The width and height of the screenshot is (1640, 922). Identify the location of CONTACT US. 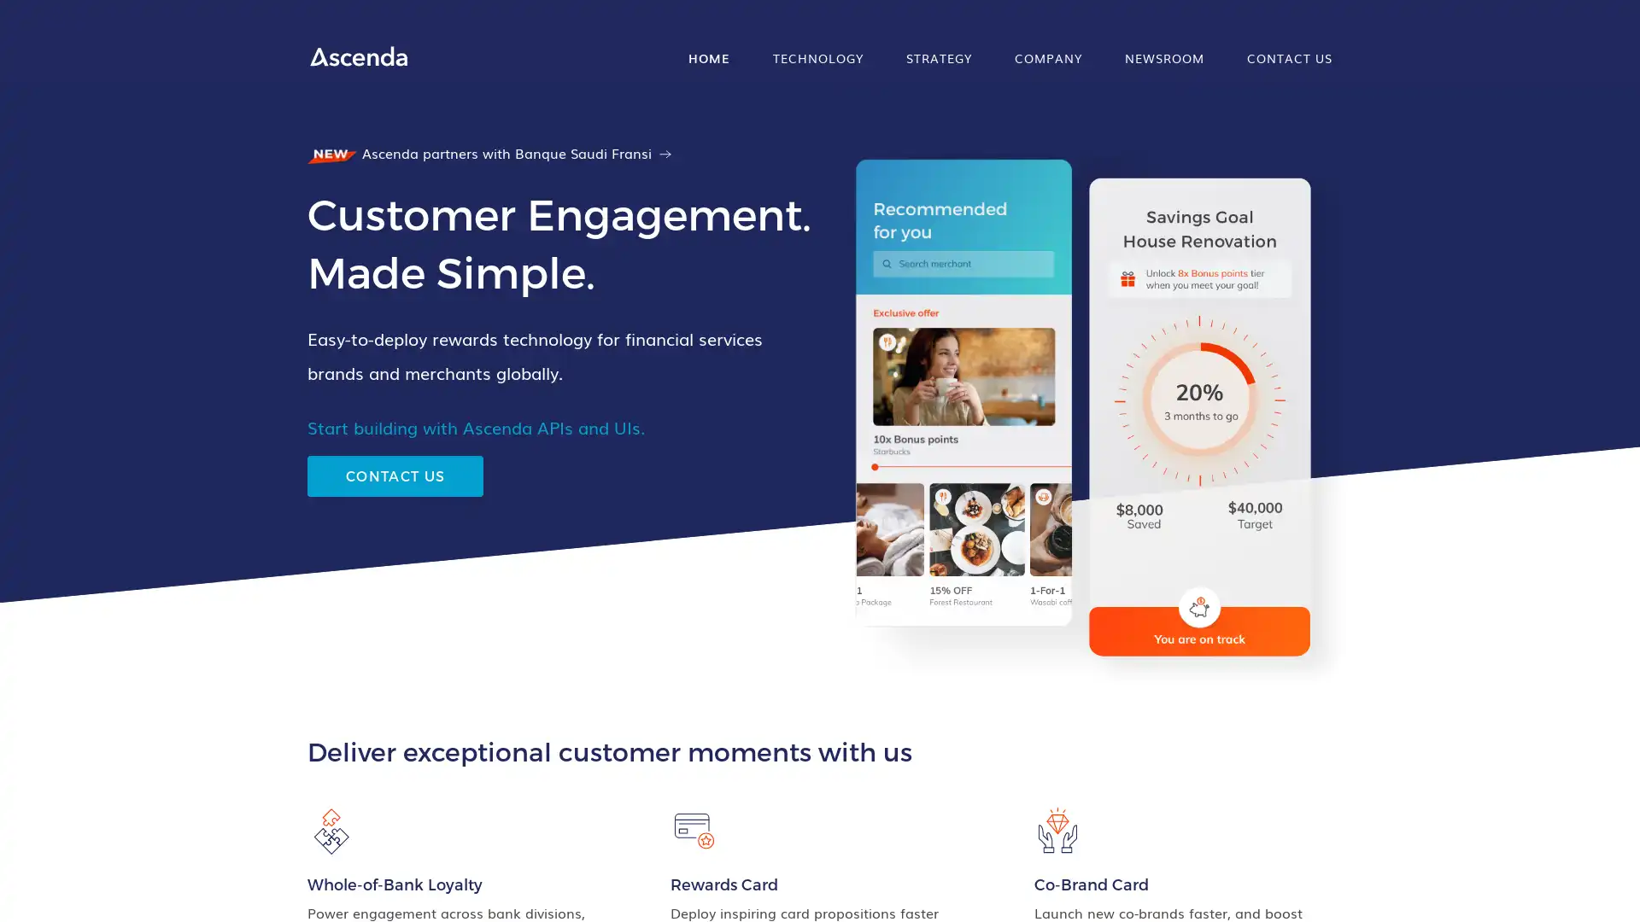
(394, 476).